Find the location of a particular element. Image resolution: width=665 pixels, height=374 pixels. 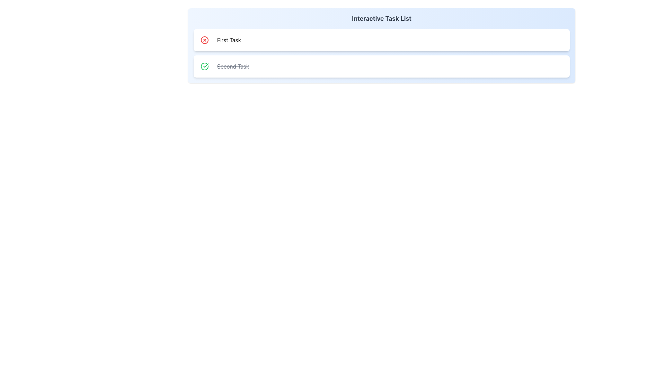

the checkmark icon within a circle located in the second task row before the text 'Second Task' is located at coordinates (205, 65).